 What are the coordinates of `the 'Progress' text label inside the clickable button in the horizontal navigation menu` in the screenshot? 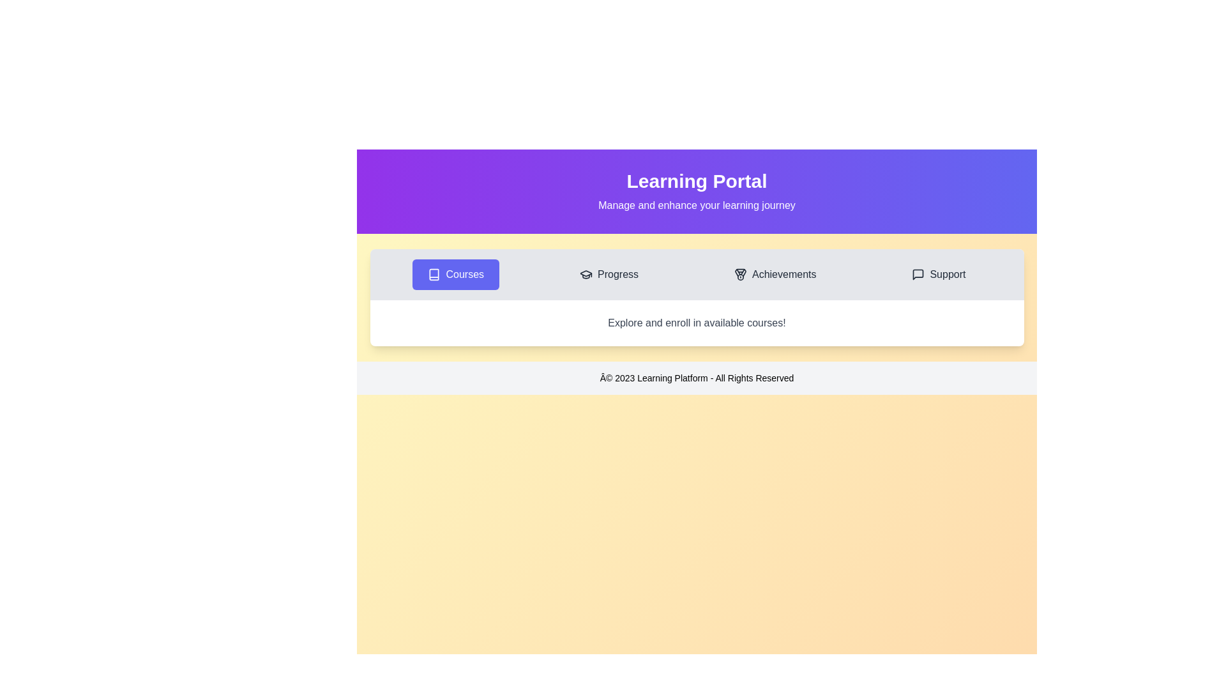 It's located at (618, 273).